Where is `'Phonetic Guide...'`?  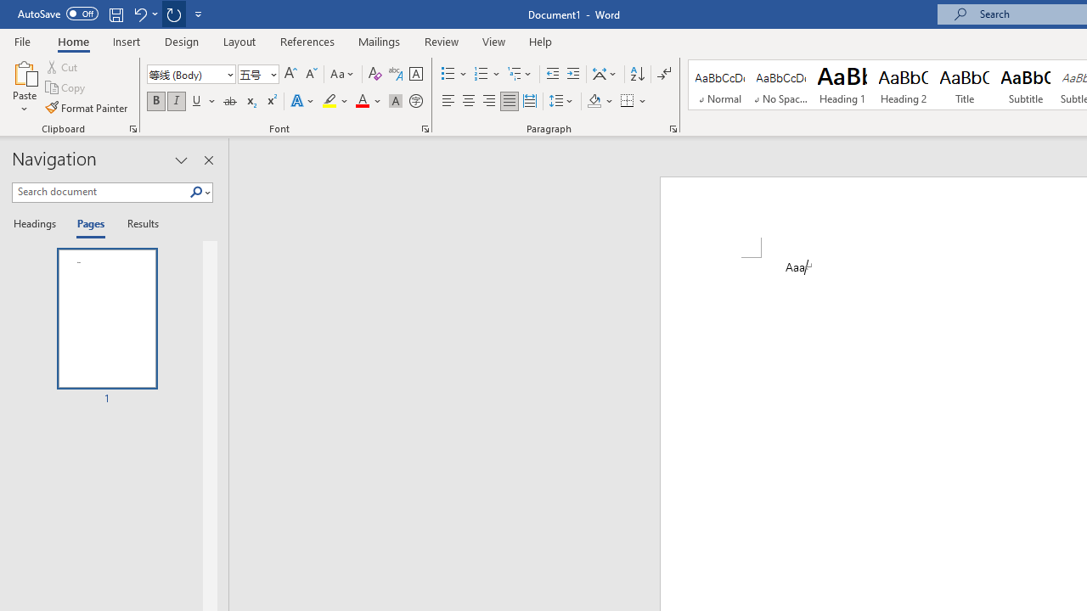
'Phonetic Guide...' is located at coordinates (394, 73).